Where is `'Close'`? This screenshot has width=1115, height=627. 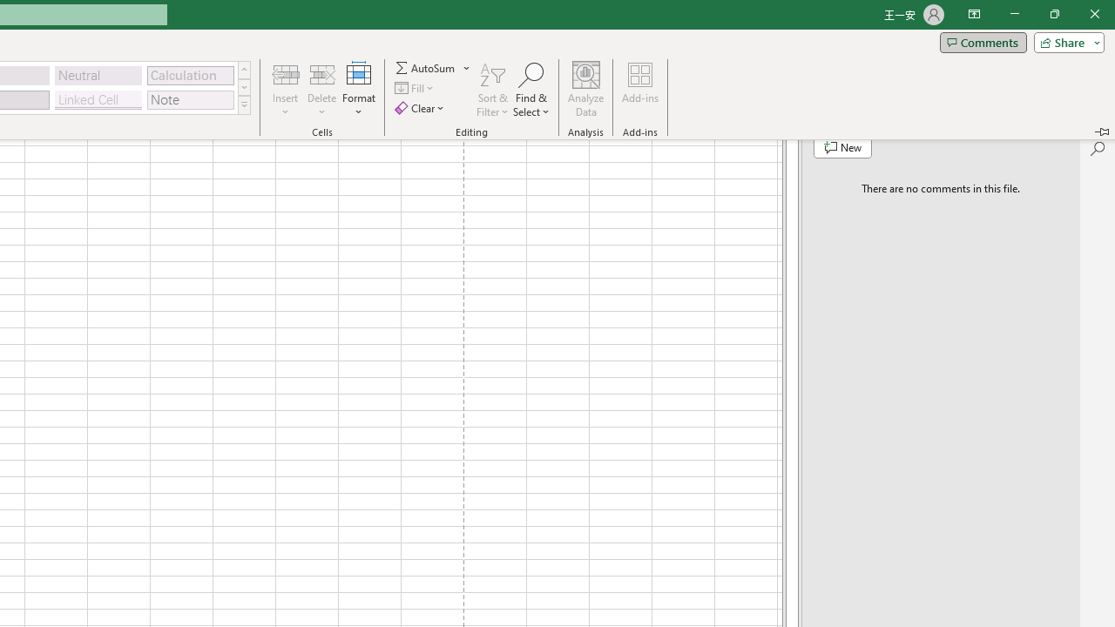 'Close' is located at coordinates (1093, 14).